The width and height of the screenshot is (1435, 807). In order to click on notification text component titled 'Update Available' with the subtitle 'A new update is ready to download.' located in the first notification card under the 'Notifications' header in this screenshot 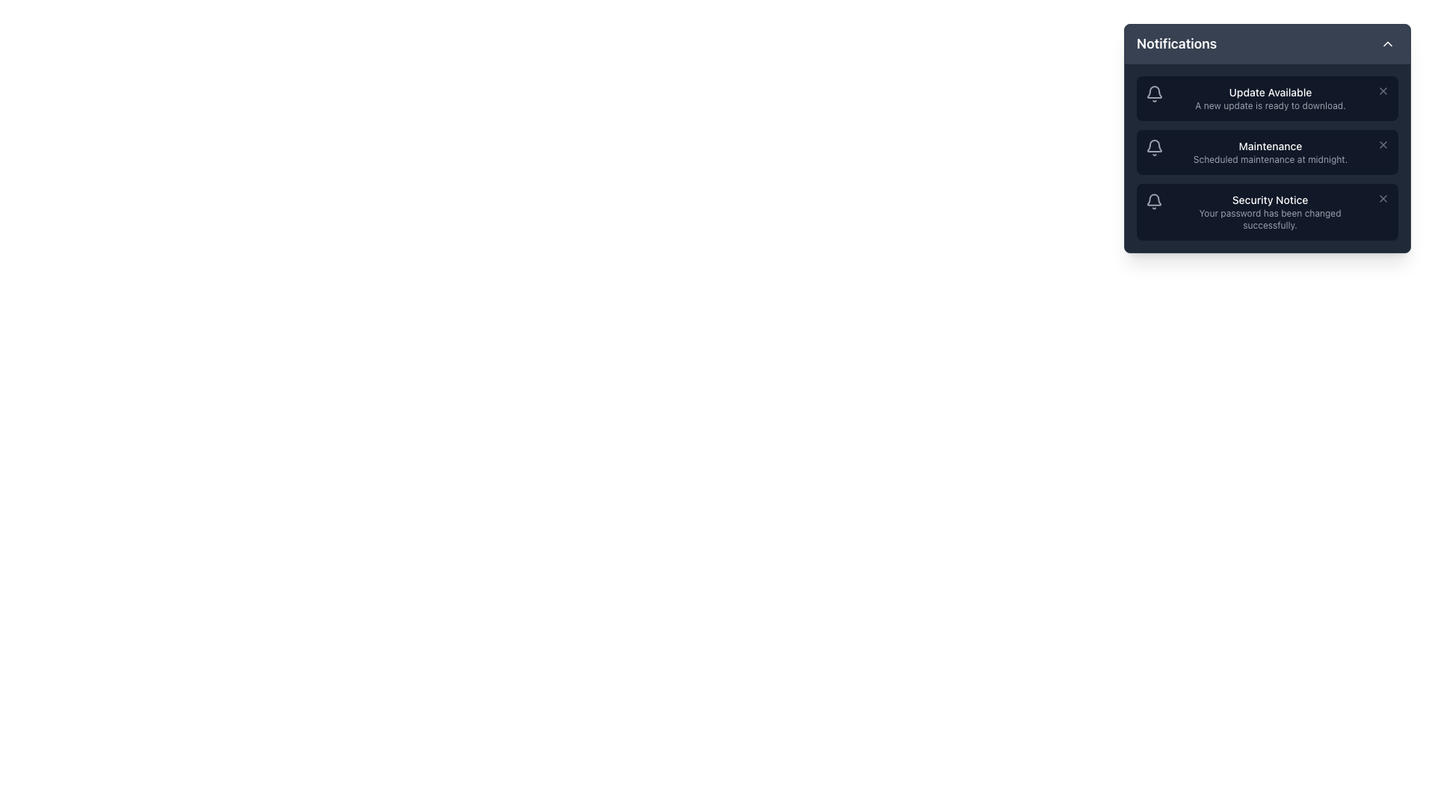, I will do `click(1269, 98)`.